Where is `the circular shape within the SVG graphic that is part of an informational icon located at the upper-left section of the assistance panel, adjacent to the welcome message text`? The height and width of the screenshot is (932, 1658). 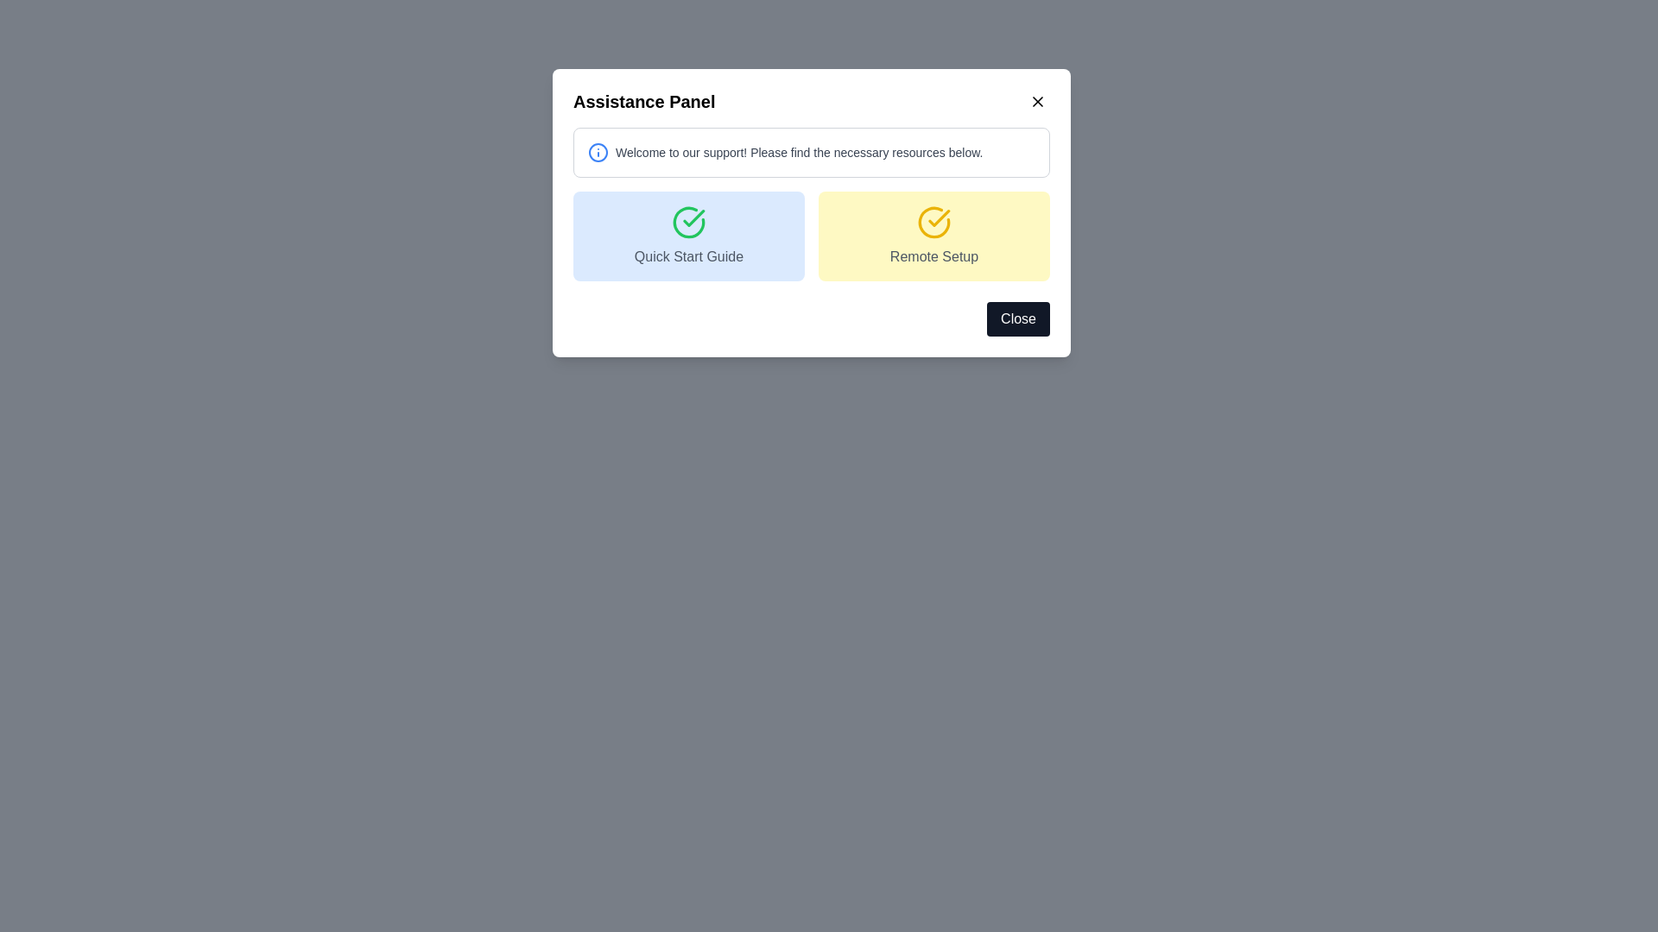 the circular shape within the SVG graphic that is part of an informational icon located at the upper-left section of the assistance panel, adjacent to the welcome message text is located at coordinates (598, 152).